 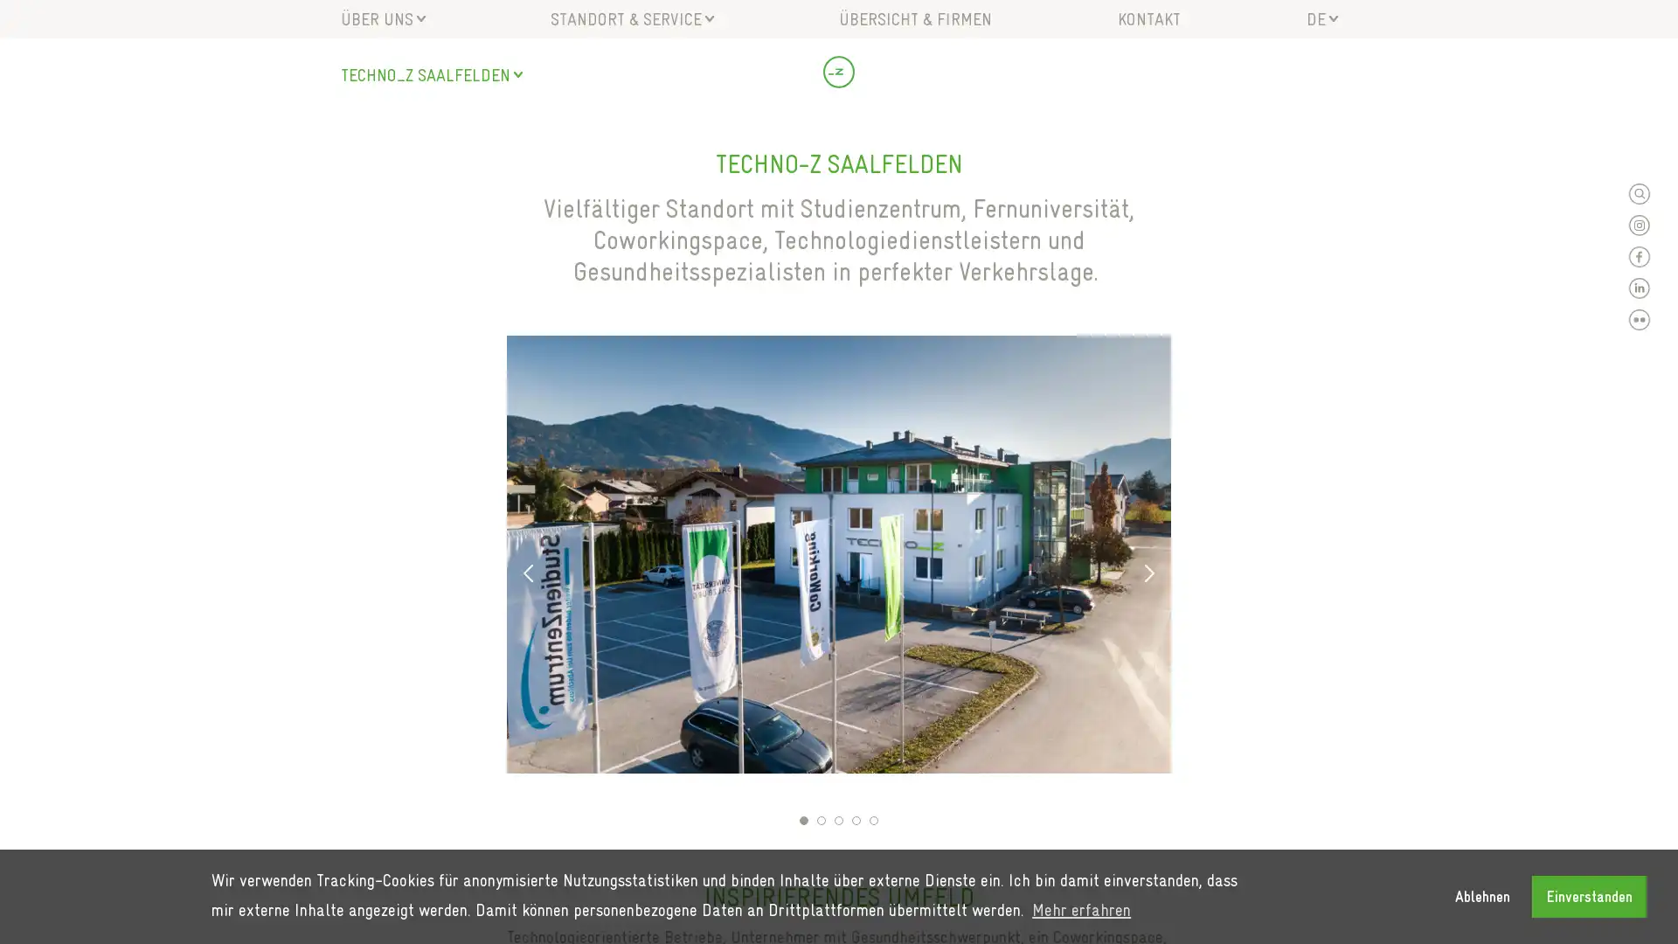 I want to click on Next, so click(x=1149, y=573).